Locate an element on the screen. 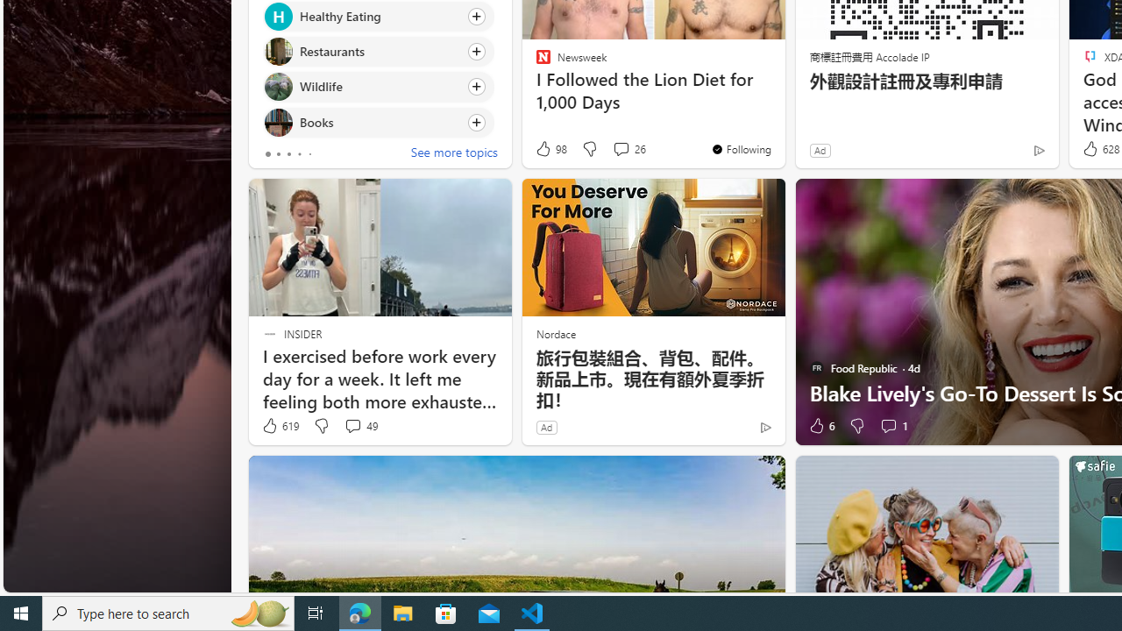  '6 Like' is located at coordinates (820, 426).